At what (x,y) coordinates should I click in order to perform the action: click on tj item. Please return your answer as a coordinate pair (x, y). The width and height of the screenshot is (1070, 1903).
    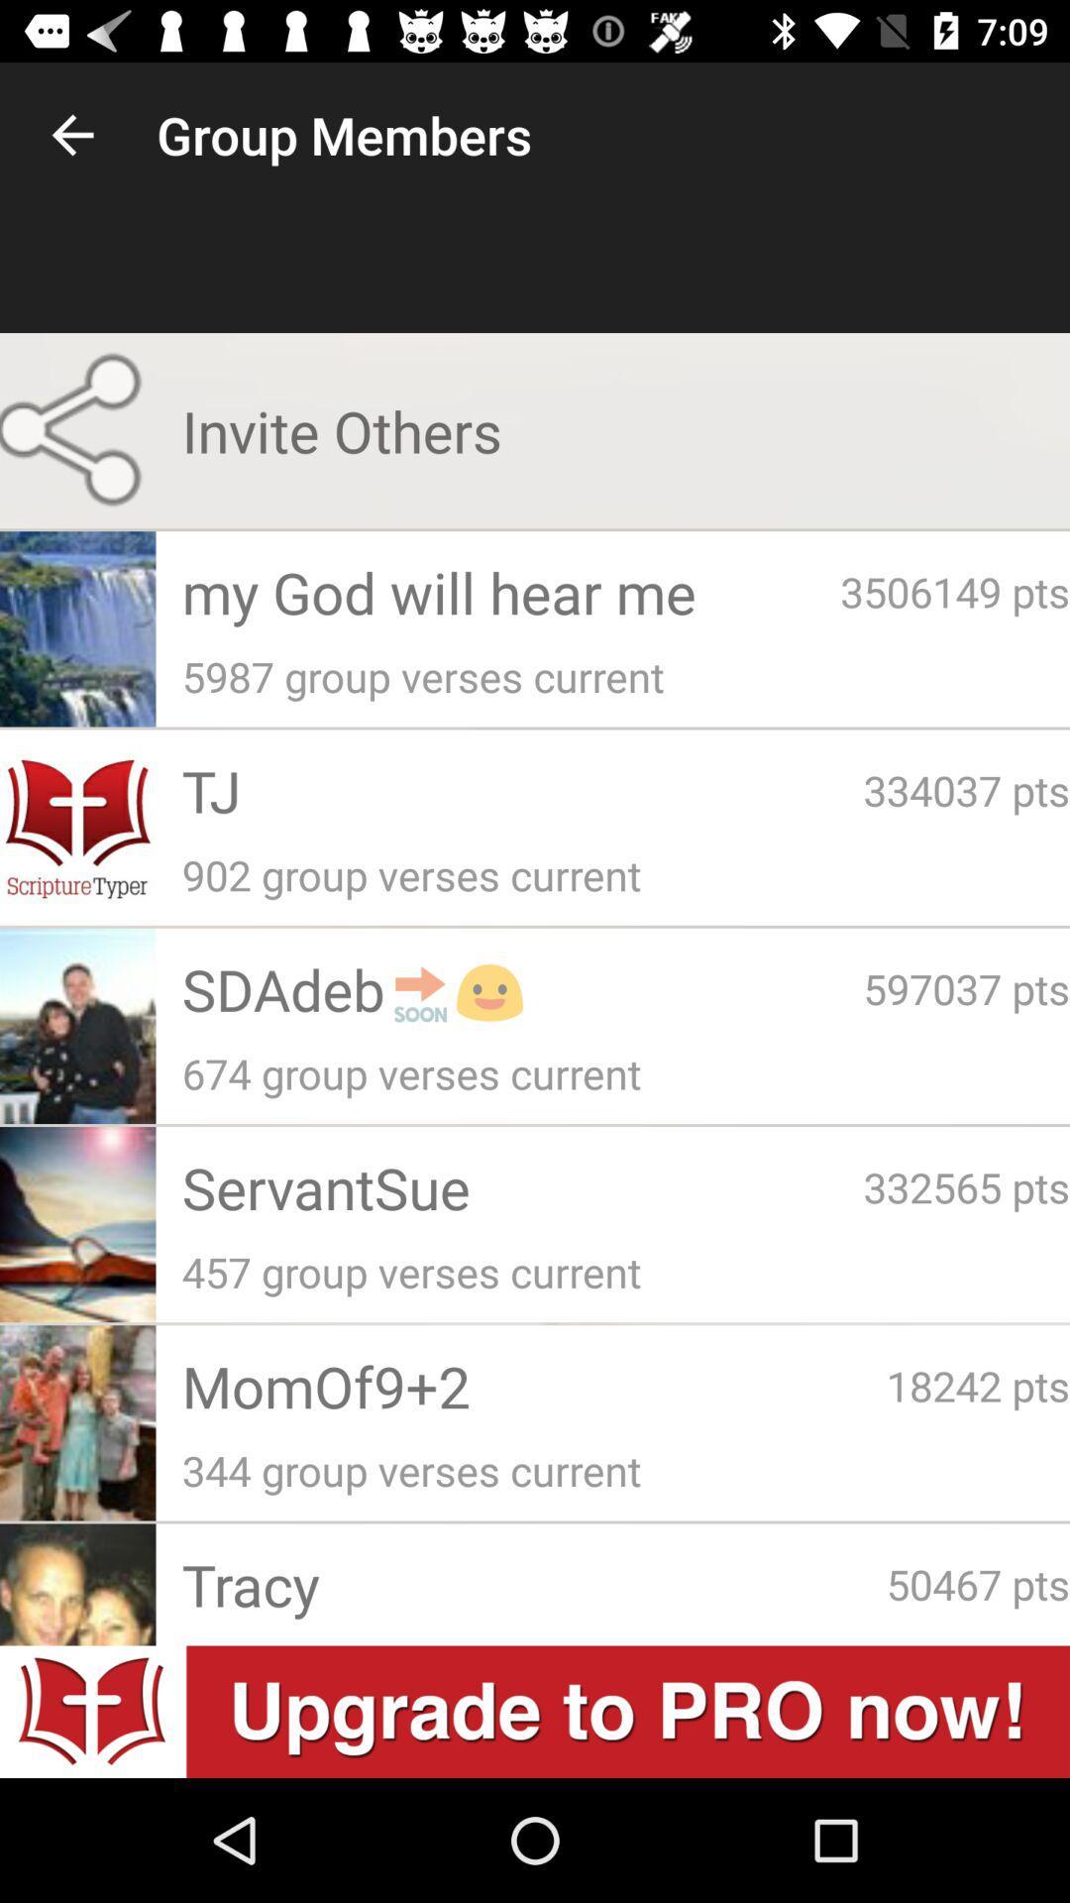
    Looking at the image, I should click on (521, 789).